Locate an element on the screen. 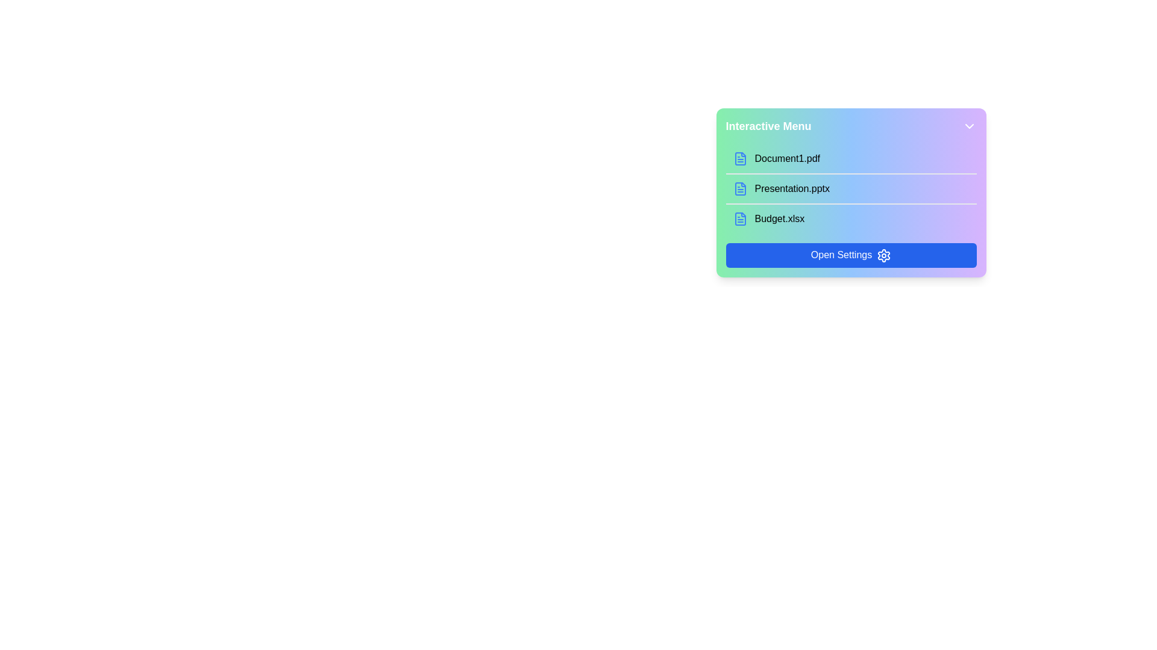  the list item displaying the file name 'Budget.xlsx', which is the last item in the vertical list of files is located at coordinates (850, 218).